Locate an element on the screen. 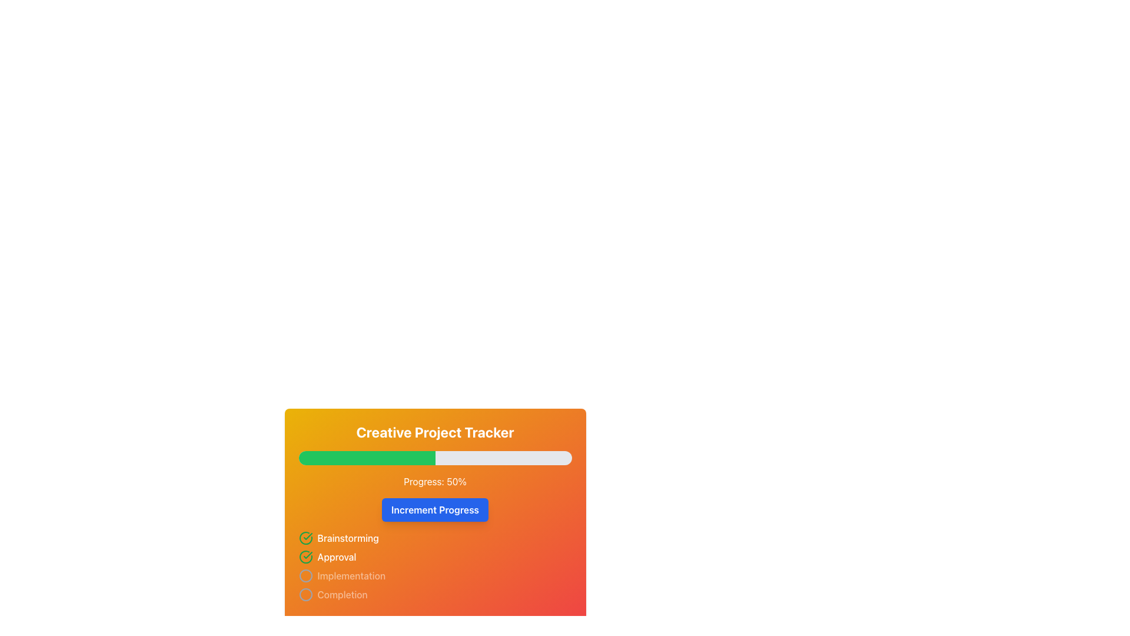 This screenshot has width=1130, height=636. the 'Increment Progress' button, which is a blue rectangular button with rounded corners and white text centered within it is located at coordinates (434, 504).